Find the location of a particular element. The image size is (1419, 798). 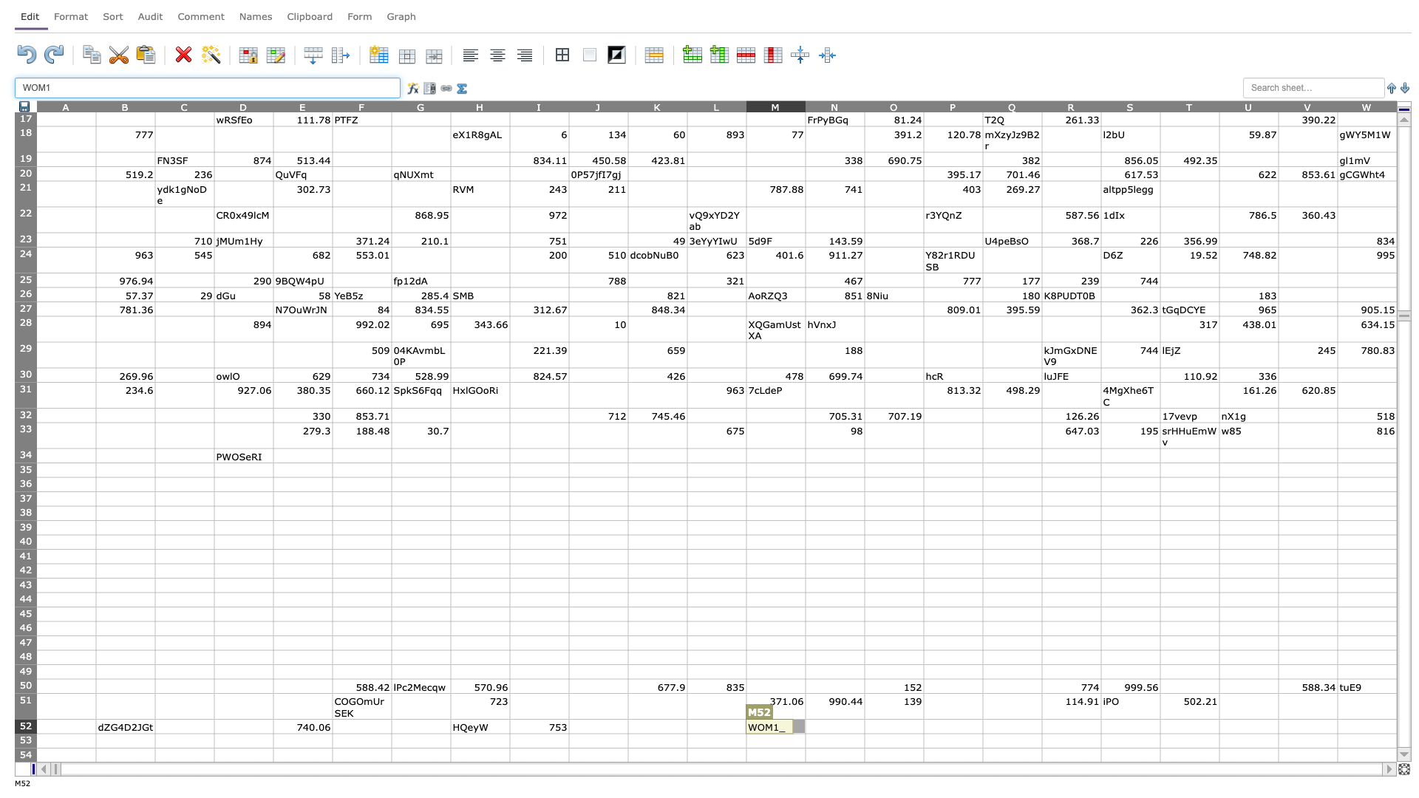

top left at column N row 52 is located at coordinates (804, 718).